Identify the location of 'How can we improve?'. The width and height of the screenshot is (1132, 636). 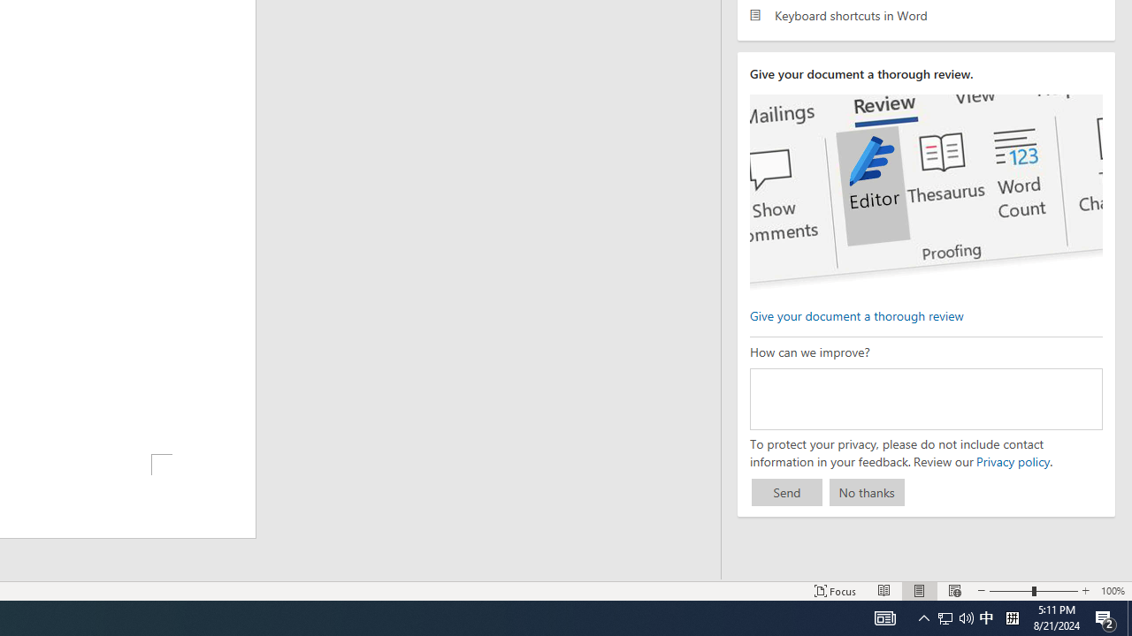
(925, 398).